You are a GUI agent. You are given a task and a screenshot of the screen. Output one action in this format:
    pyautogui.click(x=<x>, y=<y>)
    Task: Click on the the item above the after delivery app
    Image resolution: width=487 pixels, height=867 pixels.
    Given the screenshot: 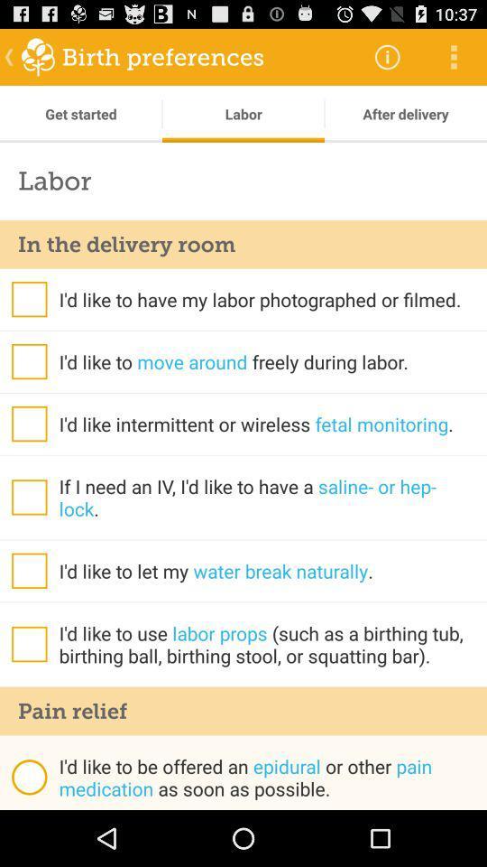 What is the action you would take?
    pyautogui.click(x=386, y=56)
    